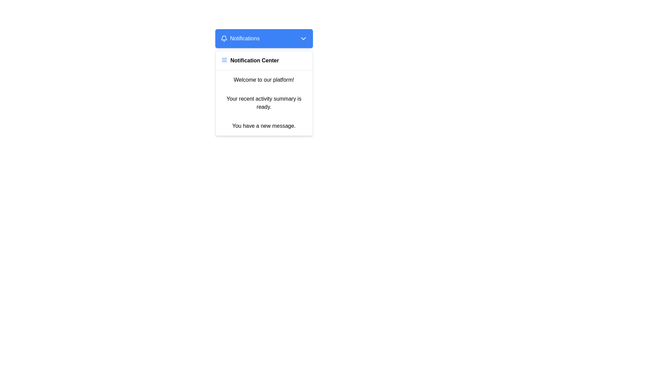 The image size is (651, 366). What do you see at coordinates (224, 60) in the screenshot?
I see `the minimalistic blue icon with three horizontal lines located to the left of the 'Notification Center' text` at bounding box center [224, 60].